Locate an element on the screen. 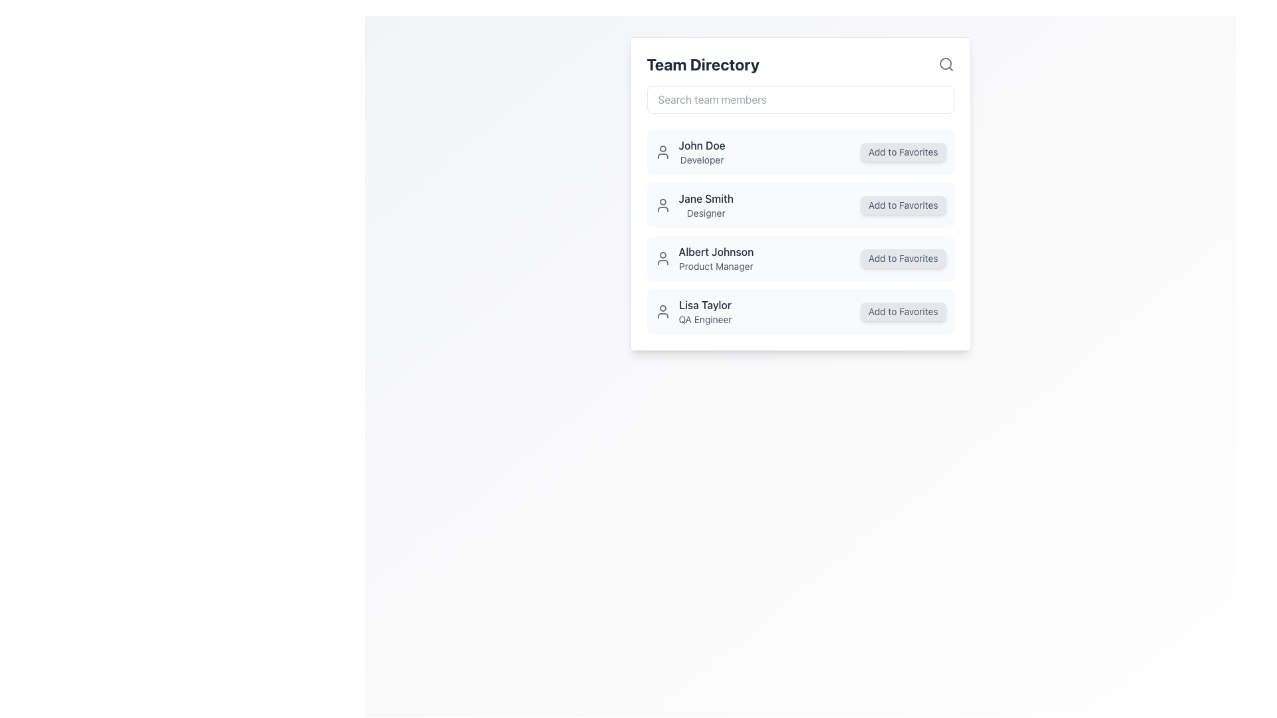 The height and width of the screenshot is (718, 1277). the Text Display Unit that displays 'Lisa Taylor' as the top line and 'QA Engineer' as the bottom line, located in the Team Directory interface is located at coordinates (704, 312).